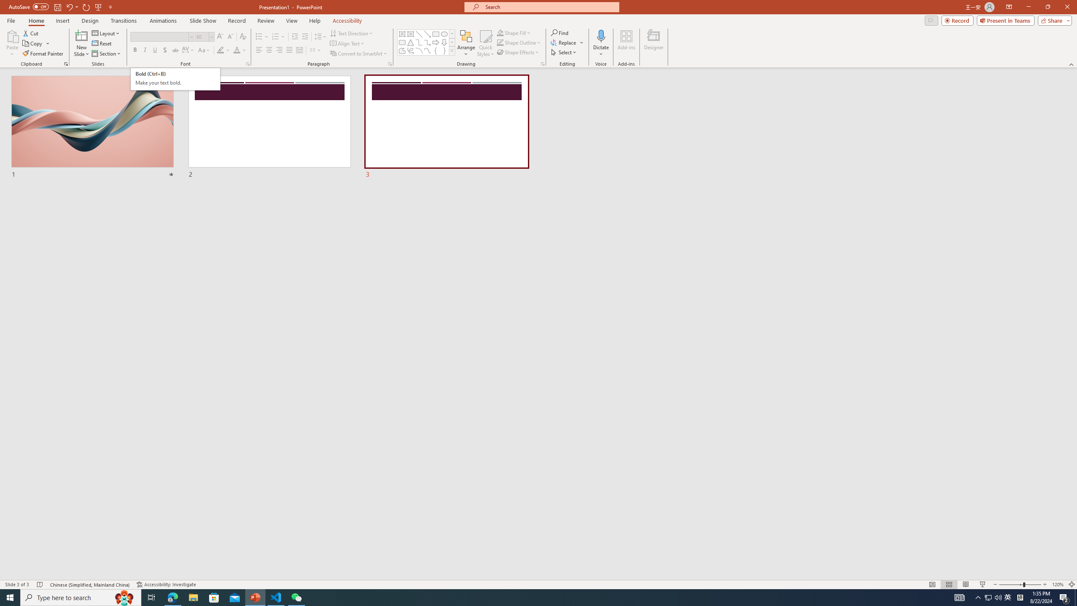 This screenshot has width=1077, height=606. Describe the element at coordinates (279, 50) in the screenshot. I see `'Align Right'` at that location.